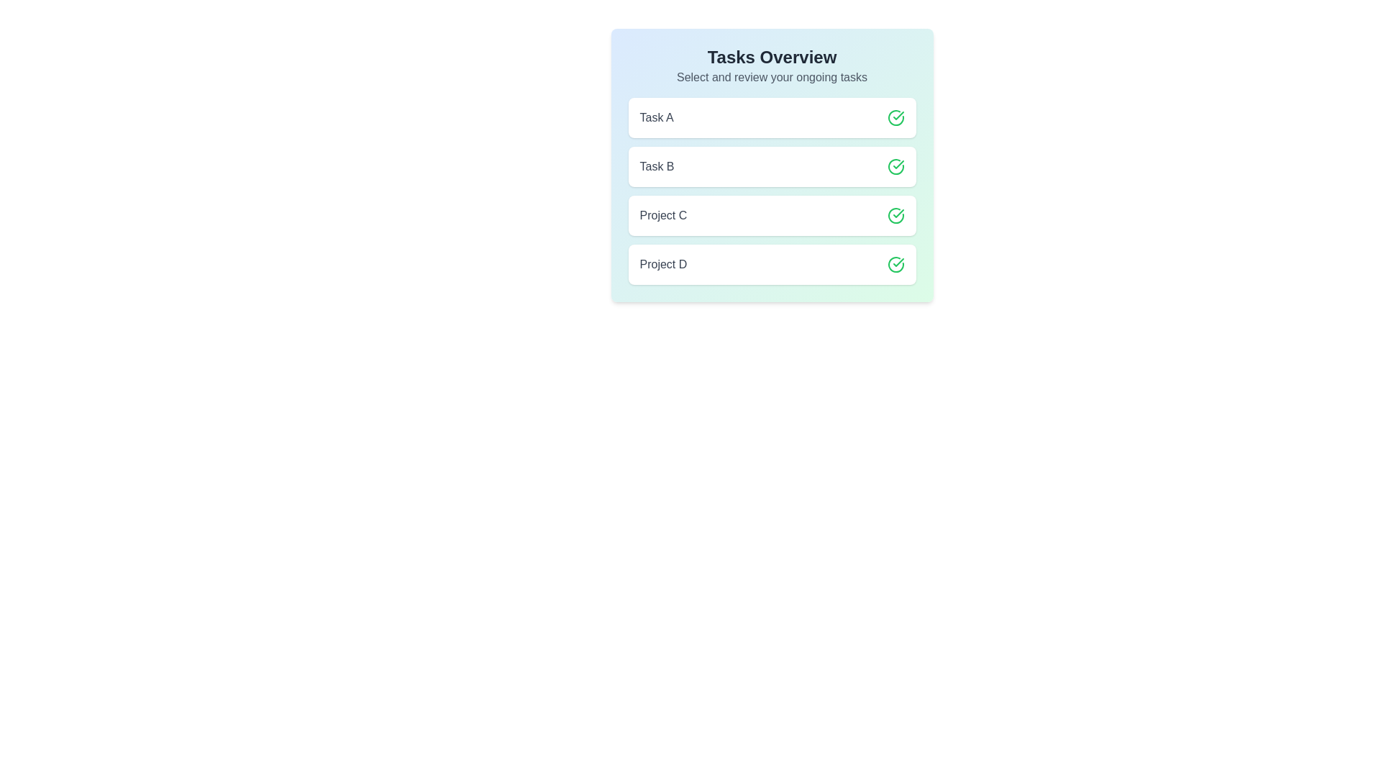 This screenshot has width=1381, height=777. Describe the element at coordinates (771, 165) in the screenshot. I see `the item Task B from the list` at that location.